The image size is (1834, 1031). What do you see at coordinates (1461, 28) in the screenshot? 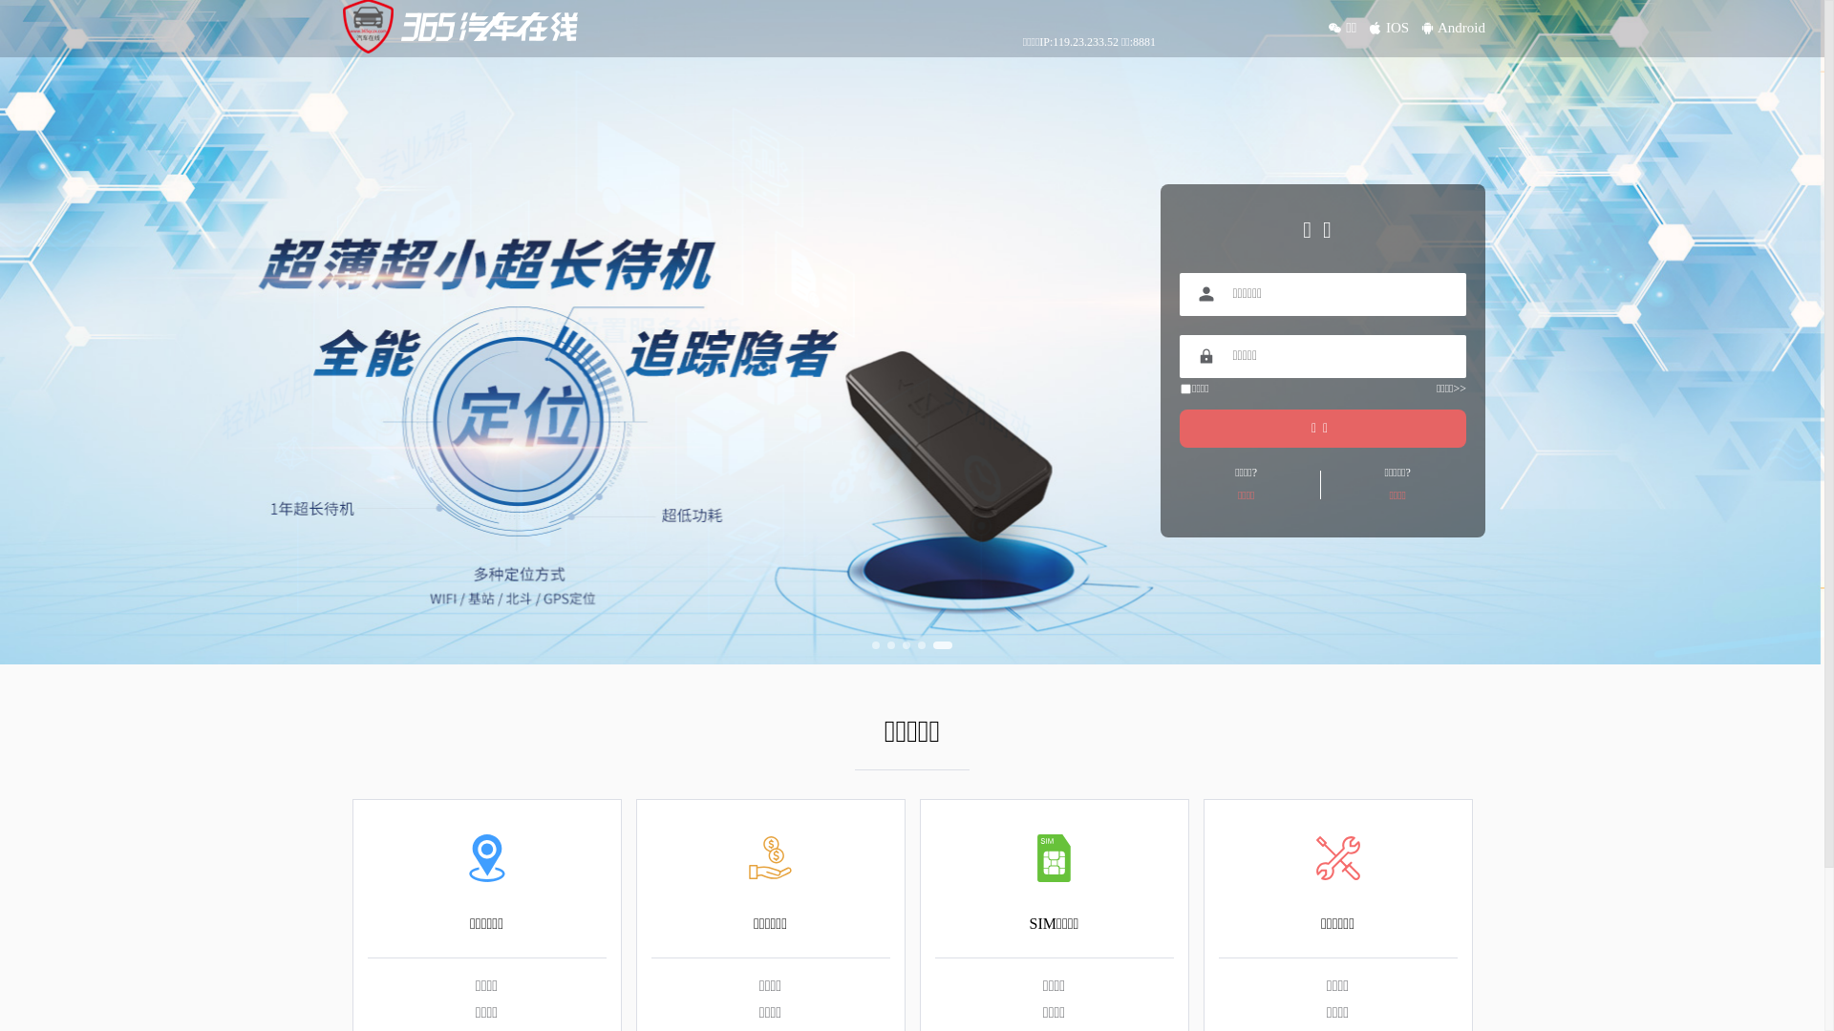
I see `'Android'` at bounding box center [1461, 28].